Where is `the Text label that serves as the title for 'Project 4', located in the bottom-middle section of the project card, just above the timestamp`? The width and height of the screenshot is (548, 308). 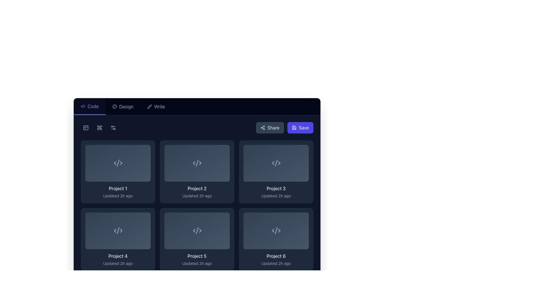 the Text label that serves as the title for 'Project 4', located in the bottom-middle section of the project card, just above the timestamp is located at coordinates (118, 256).